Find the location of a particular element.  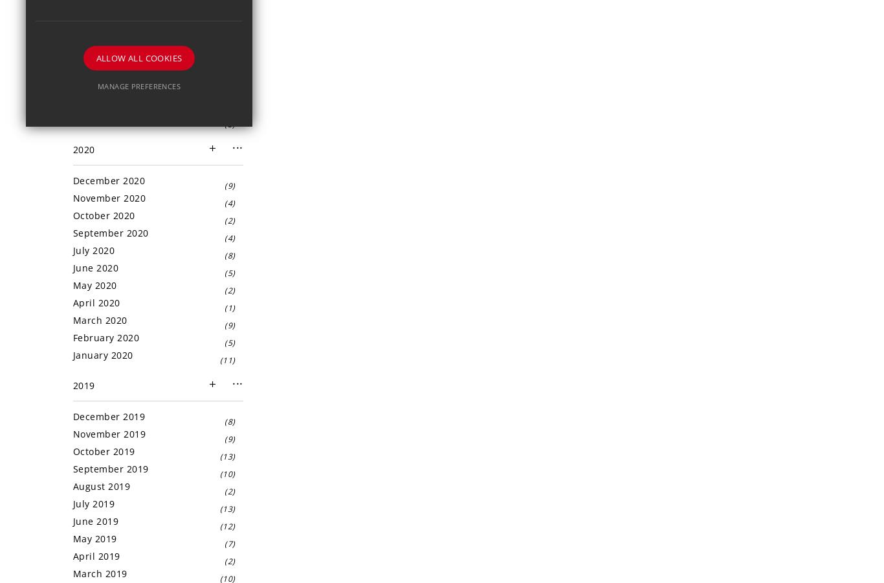

'(11)' is located at coordinates (227, 360).